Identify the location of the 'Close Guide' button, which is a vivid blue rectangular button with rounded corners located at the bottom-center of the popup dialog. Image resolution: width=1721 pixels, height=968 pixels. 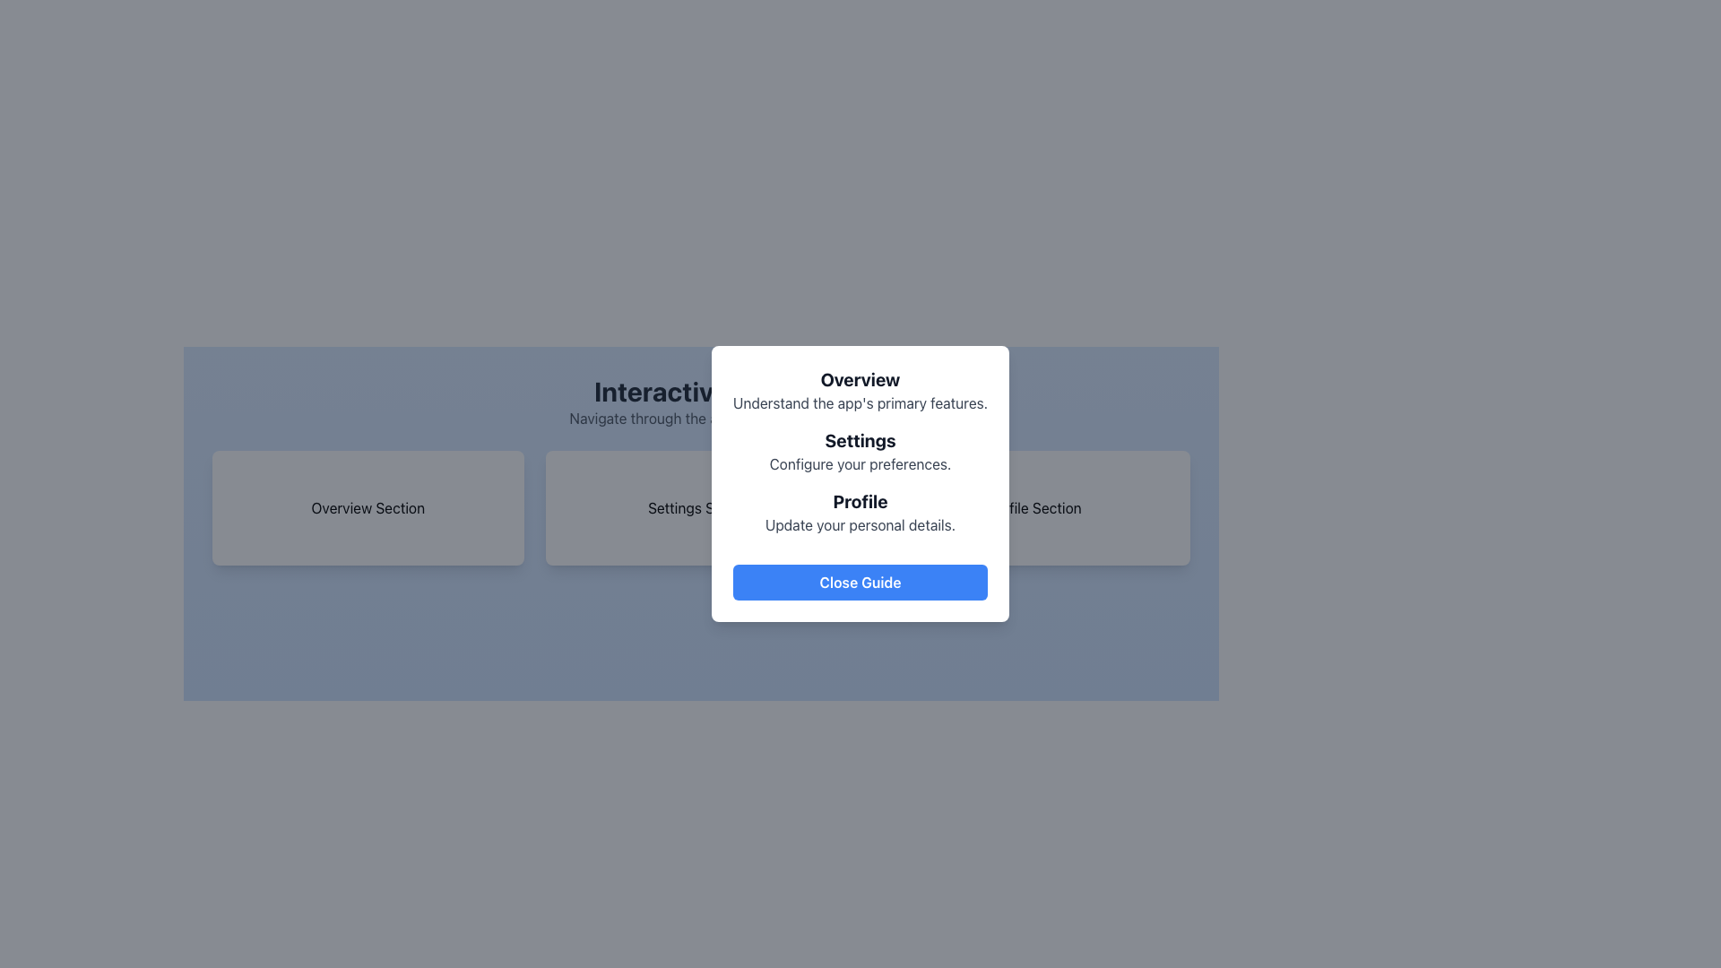
(860, 583).